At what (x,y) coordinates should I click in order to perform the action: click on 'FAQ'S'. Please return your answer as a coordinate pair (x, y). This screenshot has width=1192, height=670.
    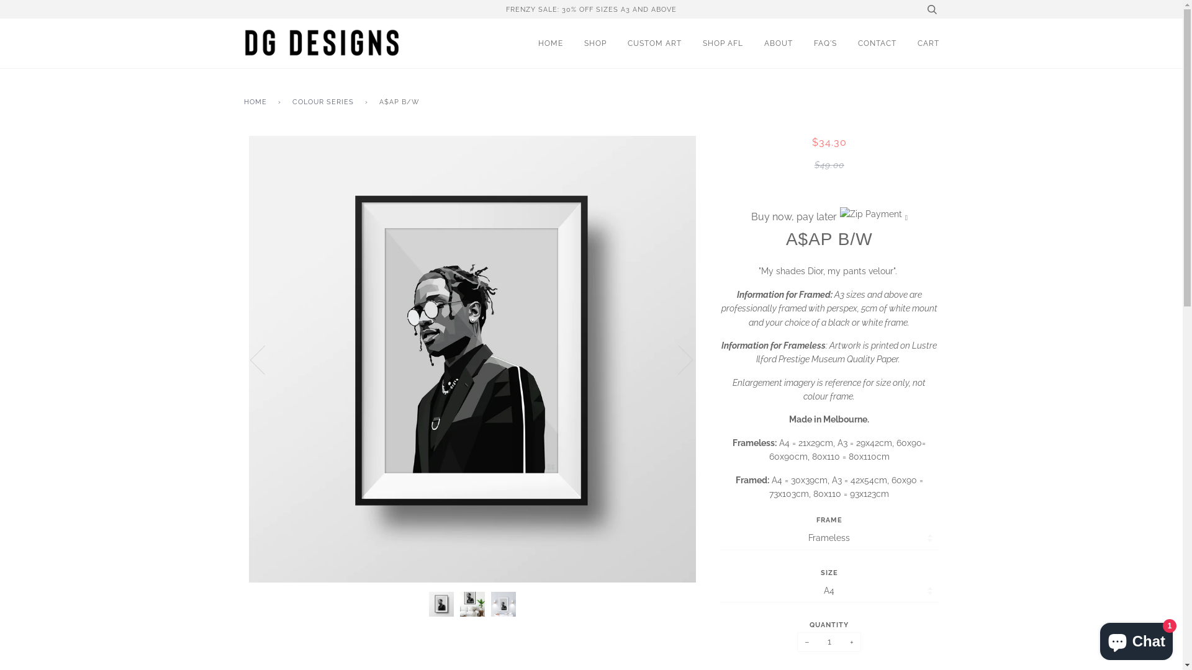
    Looking at the image, I should click on (824, 42).